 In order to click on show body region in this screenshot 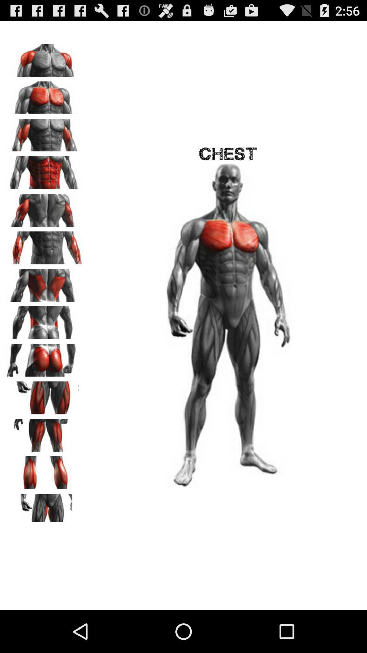, I will do `click(45, 508)`.